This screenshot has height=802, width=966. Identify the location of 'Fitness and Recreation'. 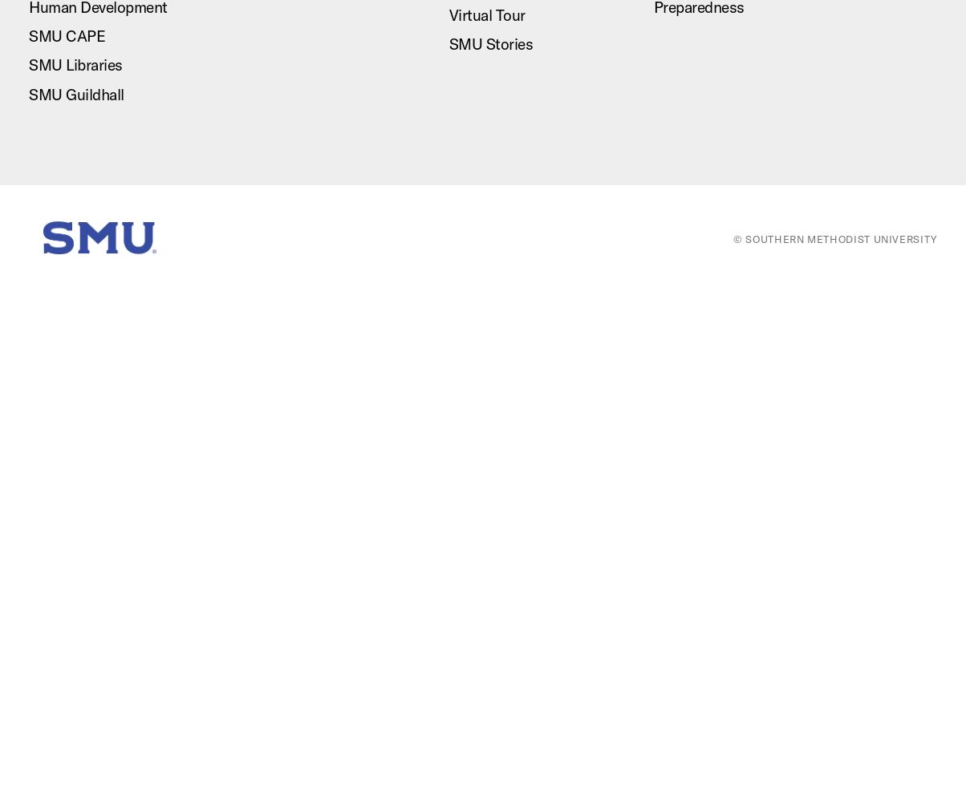
(803, 13).